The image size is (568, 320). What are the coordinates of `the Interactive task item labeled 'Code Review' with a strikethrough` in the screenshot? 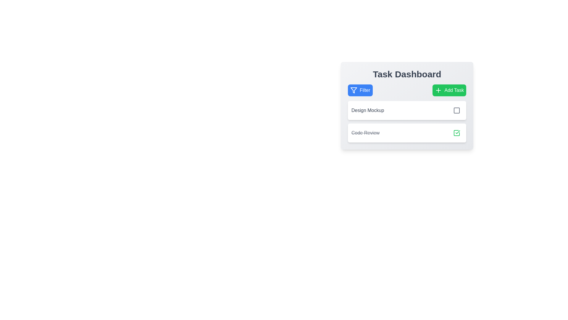 It's located at (407, 132).